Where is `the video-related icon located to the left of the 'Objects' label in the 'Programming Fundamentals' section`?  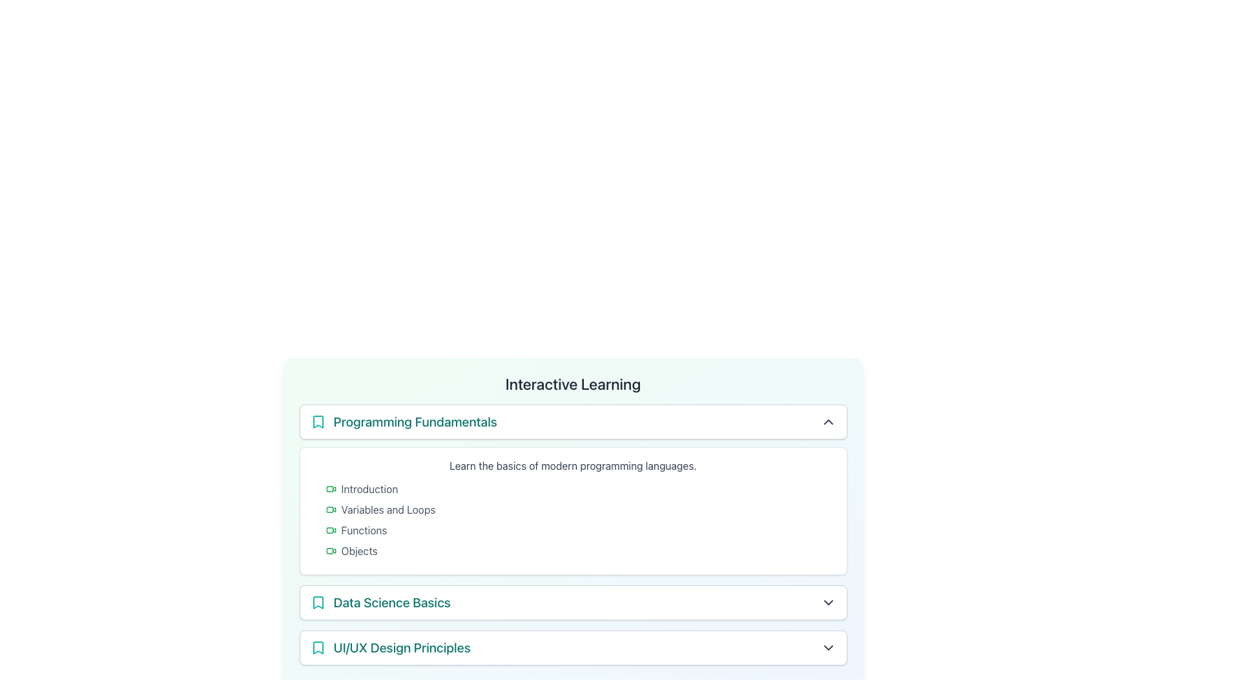 the video-related icon located to the left of the 'Objects' label in the 'Programming Fundamentals' section is located at coordinates (331, 551).